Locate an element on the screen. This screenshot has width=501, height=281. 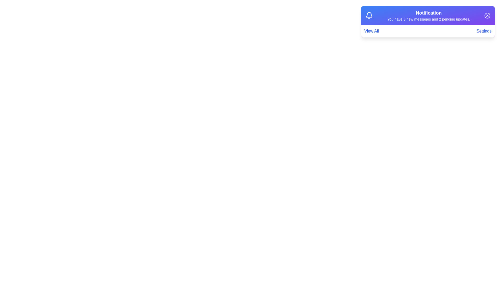
the close button to dismiss the notification center is located at coordinates (487, 15).